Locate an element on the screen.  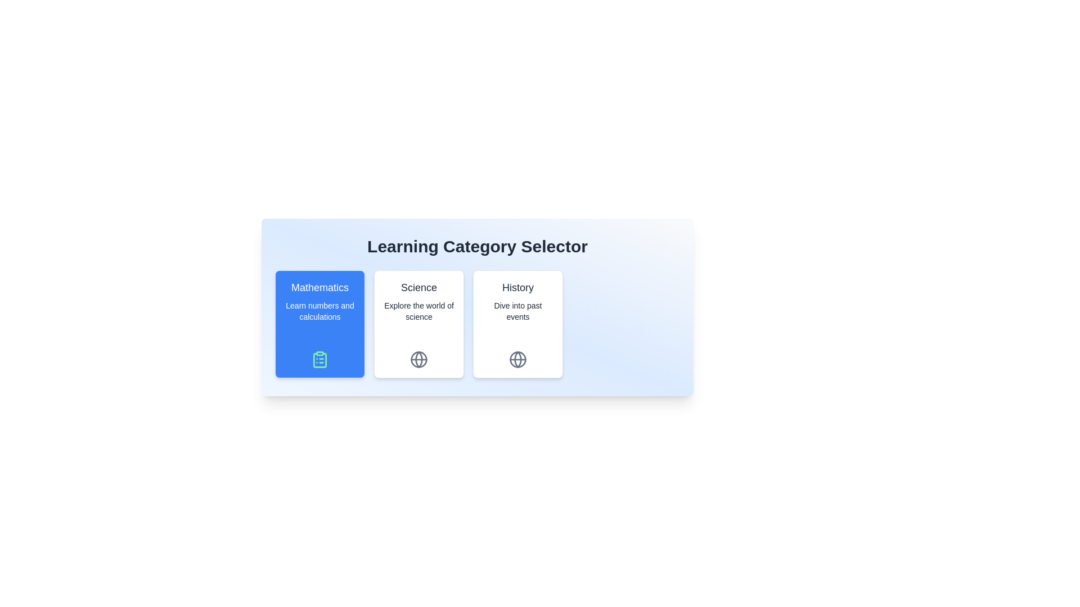
the chip corresponding to Science is located at coordinates (418, 324).